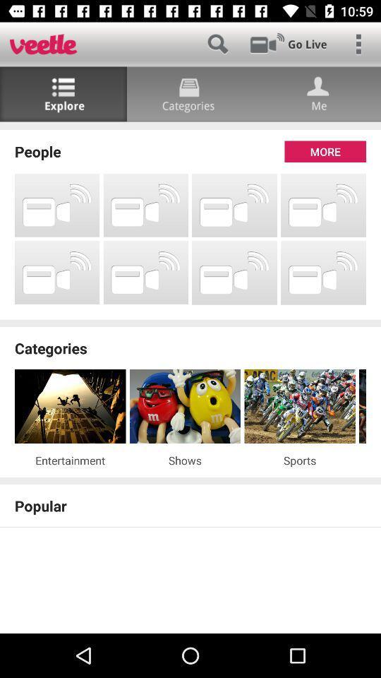  What do you see at coordinates (190, 347) in the screenshot?
I see `the categories icon` at bounding box center [190, 347].